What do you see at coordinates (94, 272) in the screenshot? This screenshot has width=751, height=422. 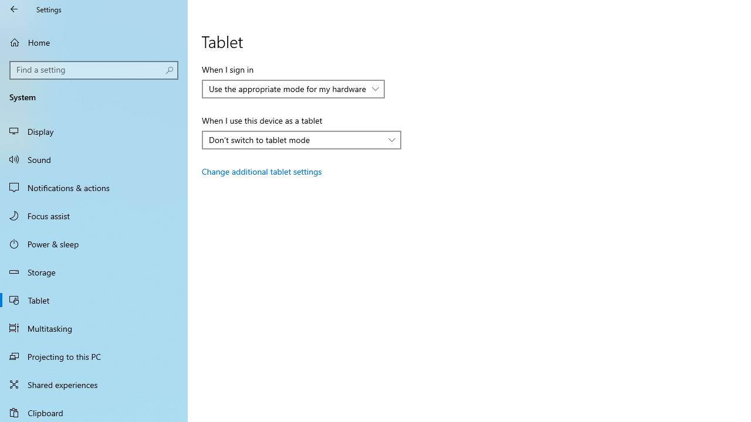 I see `'Storage'` at bounding box center [94, 272].